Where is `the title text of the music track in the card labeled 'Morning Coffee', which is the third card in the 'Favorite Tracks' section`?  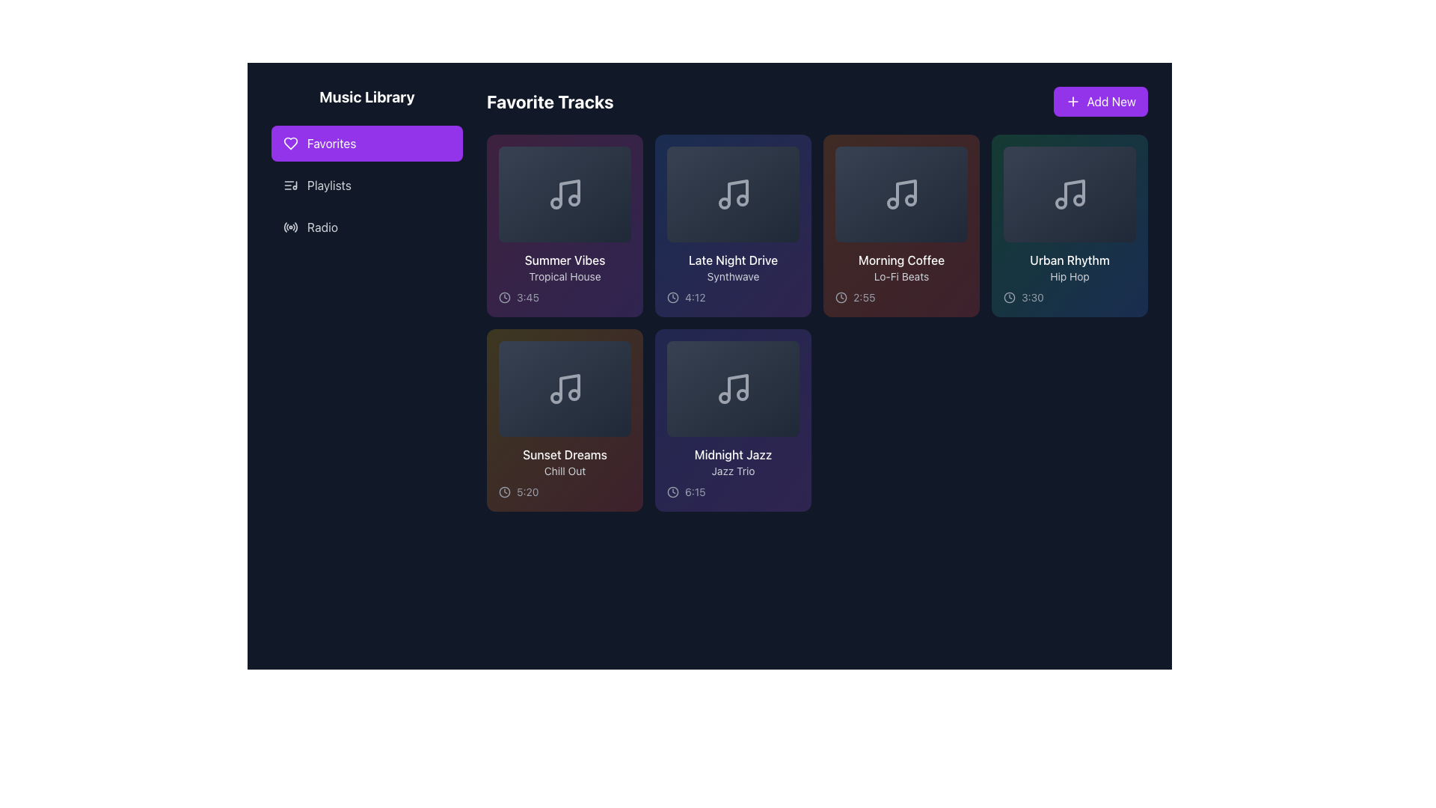
the title text of the music track in the card labeled 'Morning Coffee', which is the third card in the 'Favorite Tracks' section is located at coordinates (900, 259).